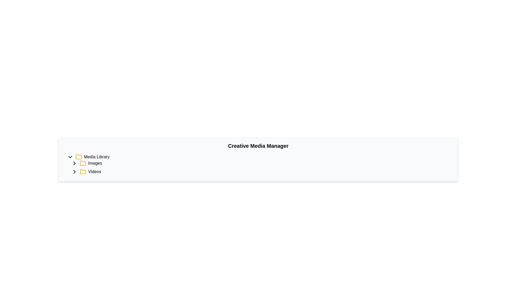 The height and width of the screenshot is (285, 507). I want to click on the yellow outlined folder icon located in the 'Media Library' section, so click(78, 156).